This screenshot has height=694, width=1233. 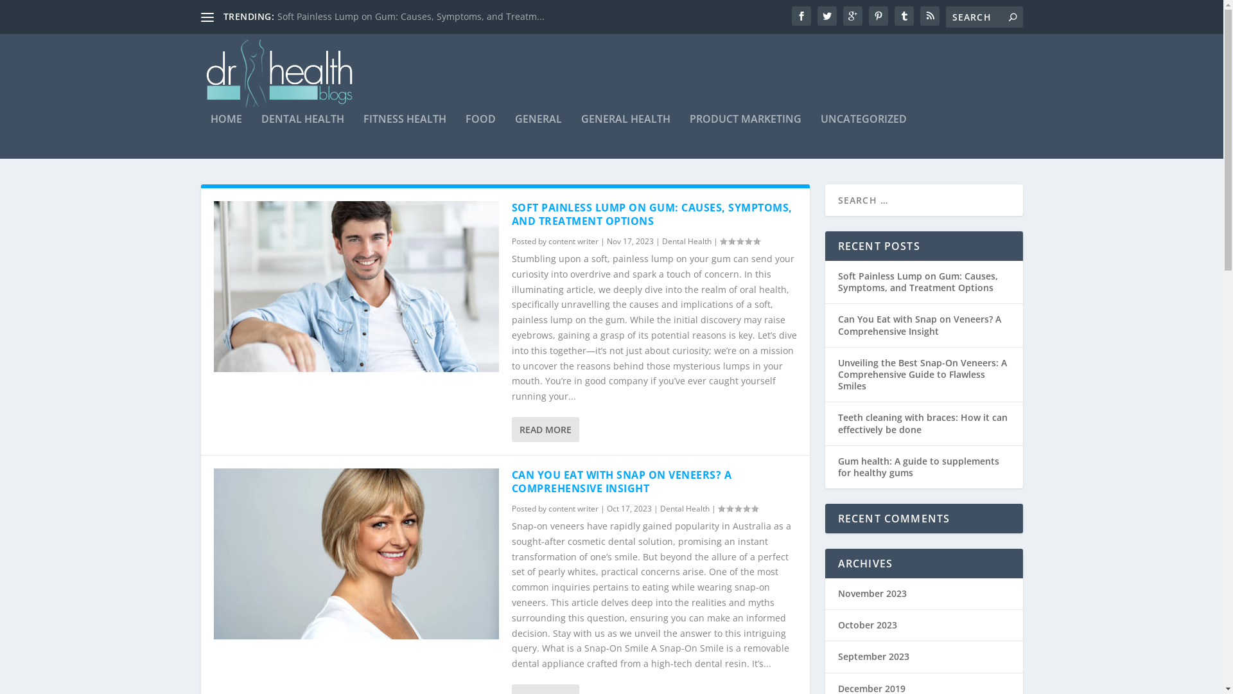 I want to click on 'READ MORE', so click(x=545, y=429).